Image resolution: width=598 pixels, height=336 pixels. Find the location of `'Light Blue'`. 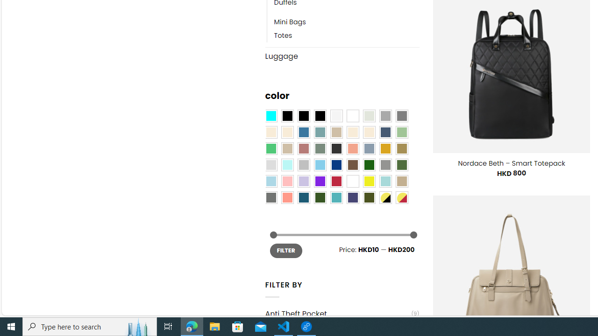

'Light Blue' is located at coordinates (270, 181).